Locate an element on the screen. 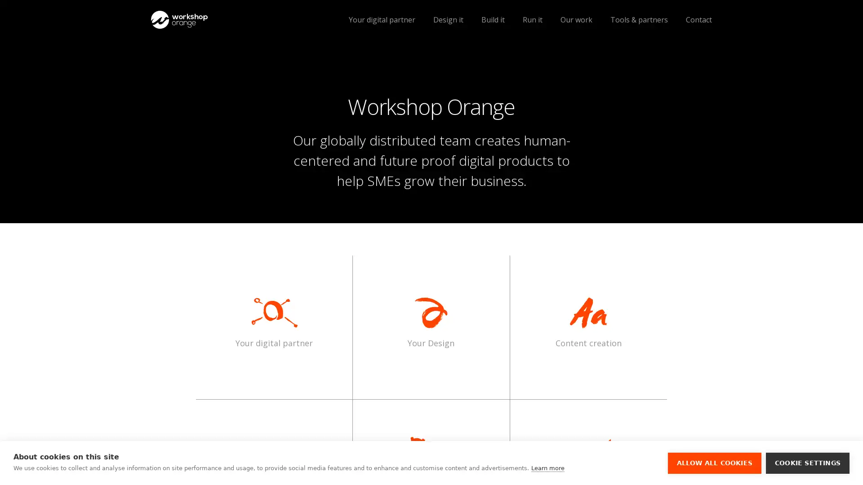  Tools & partners is located at coordinates (638, 19).